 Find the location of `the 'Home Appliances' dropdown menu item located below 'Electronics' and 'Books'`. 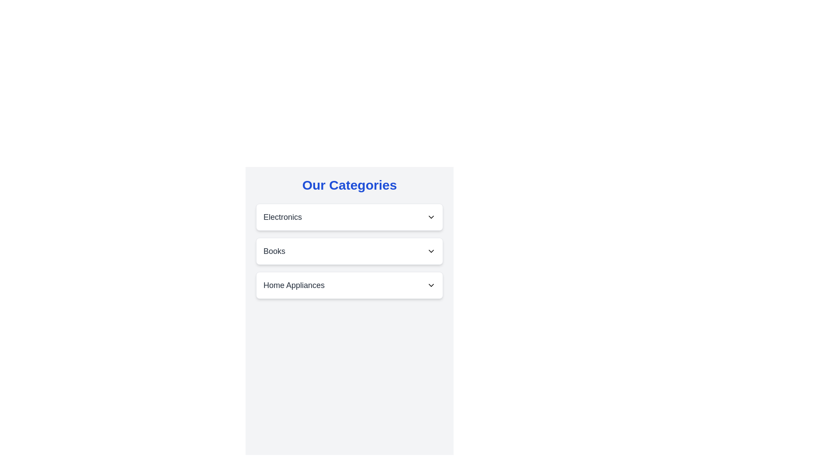

the 'Home Appliances' dropdown menu item located below 'Electronics' and 'Books' is located at coordinates (350, 285).